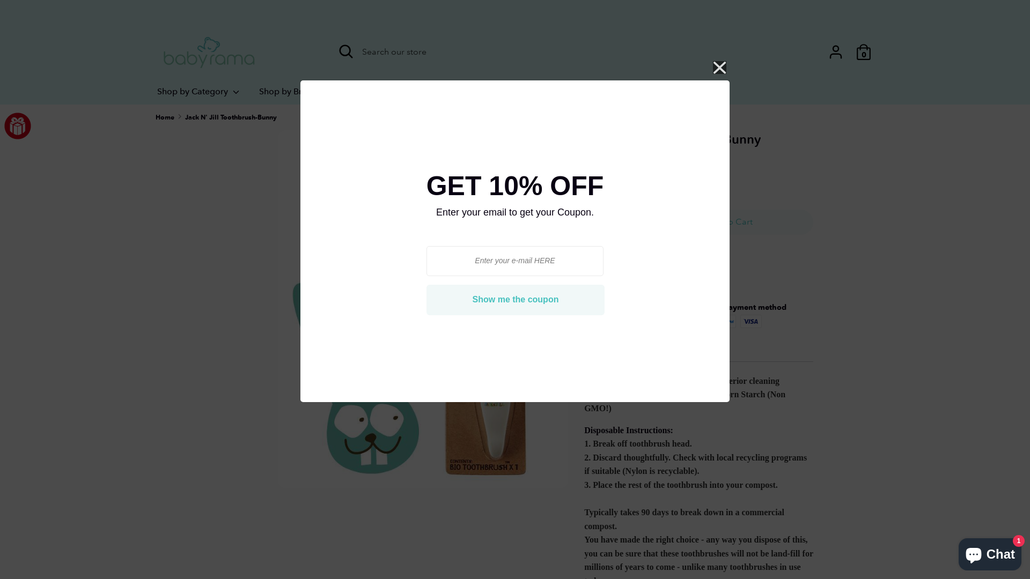 The height and width of the screenshot is (579, 1030). Describe the element at coordinates (483, 94) in the screenshot. I see `'Clearance'` at that location.